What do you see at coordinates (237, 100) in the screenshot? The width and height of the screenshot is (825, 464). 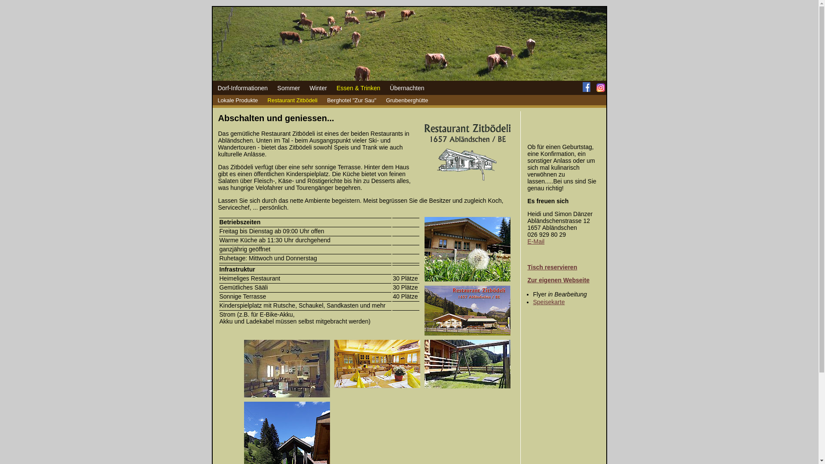 I see `'Lokale Produkte'` at bounding box center [237, 100].